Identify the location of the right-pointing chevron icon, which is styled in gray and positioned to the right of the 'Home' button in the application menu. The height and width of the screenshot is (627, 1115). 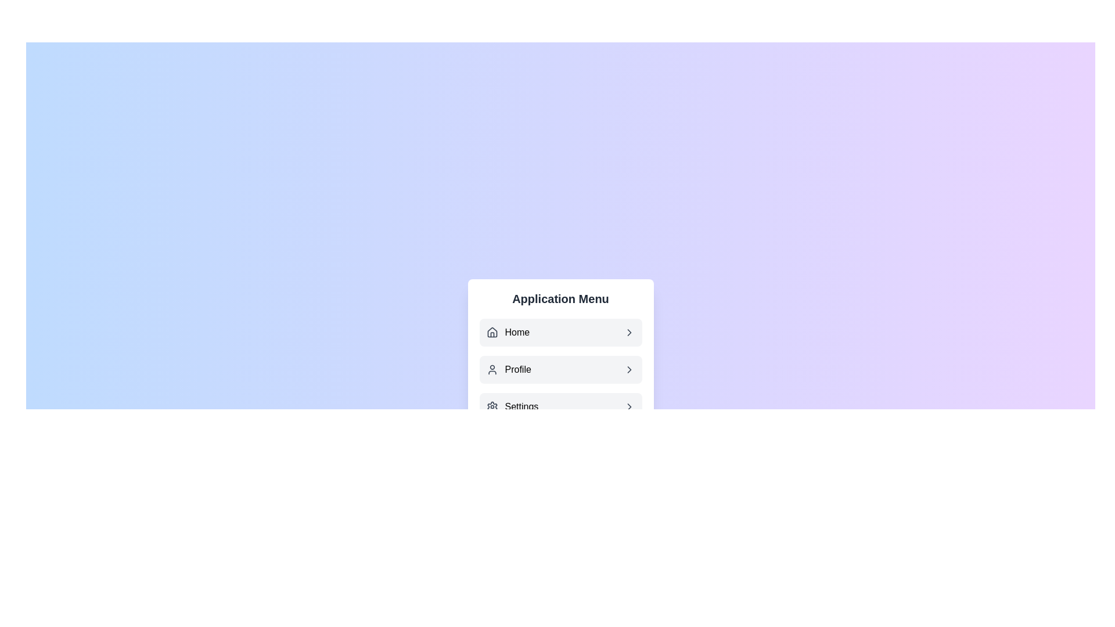
(628, 333).